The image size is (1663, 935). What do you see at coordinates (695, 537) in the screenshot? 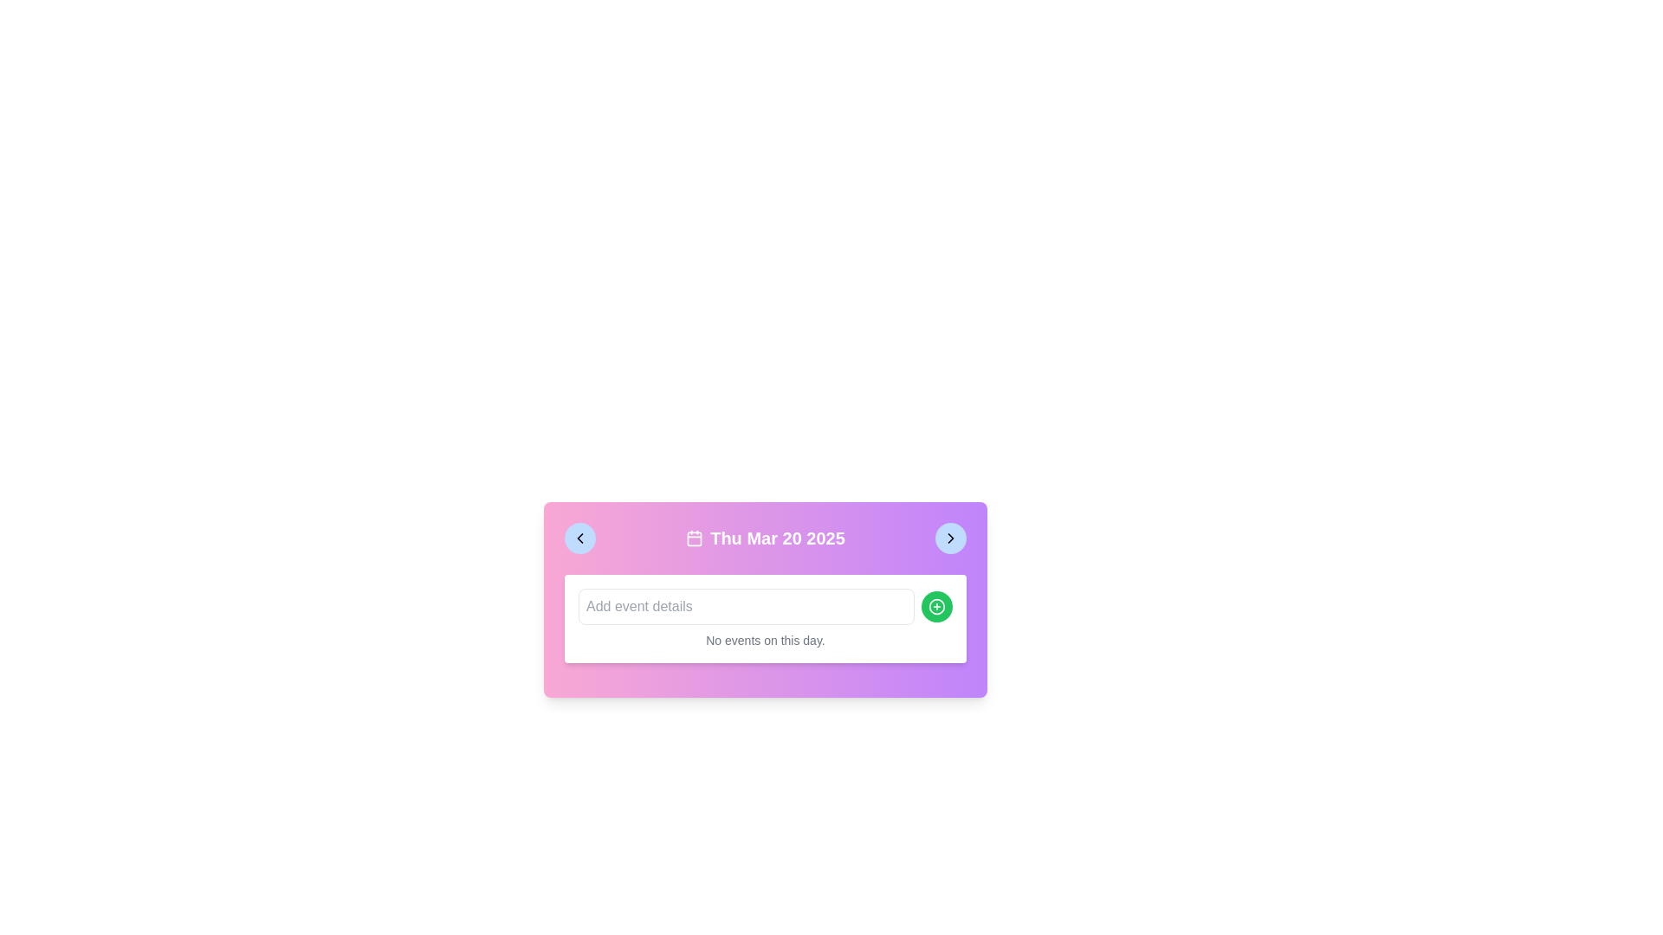
I see `the calendar icon, which is a square with rounded corners, located to the left of the date 'Thu Mar 20 2025'` at bounding box center [695, 537].